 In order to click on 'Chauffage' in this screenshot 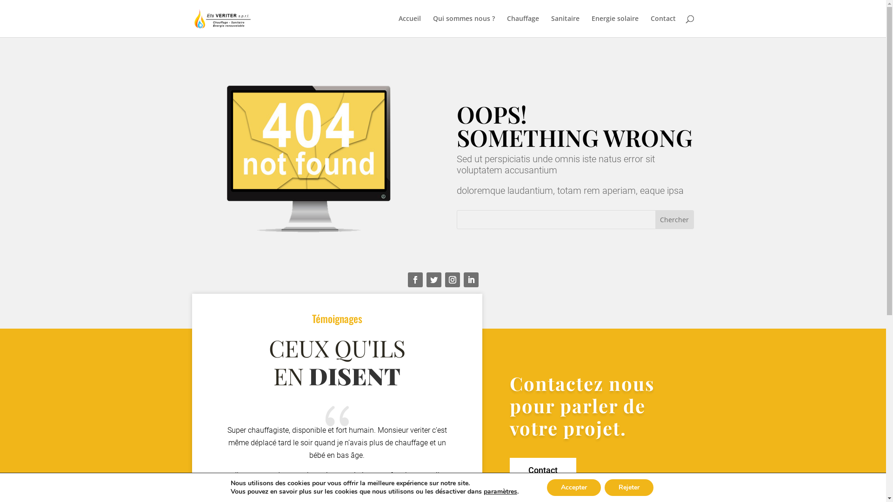, I will do `click(523, 26)`.